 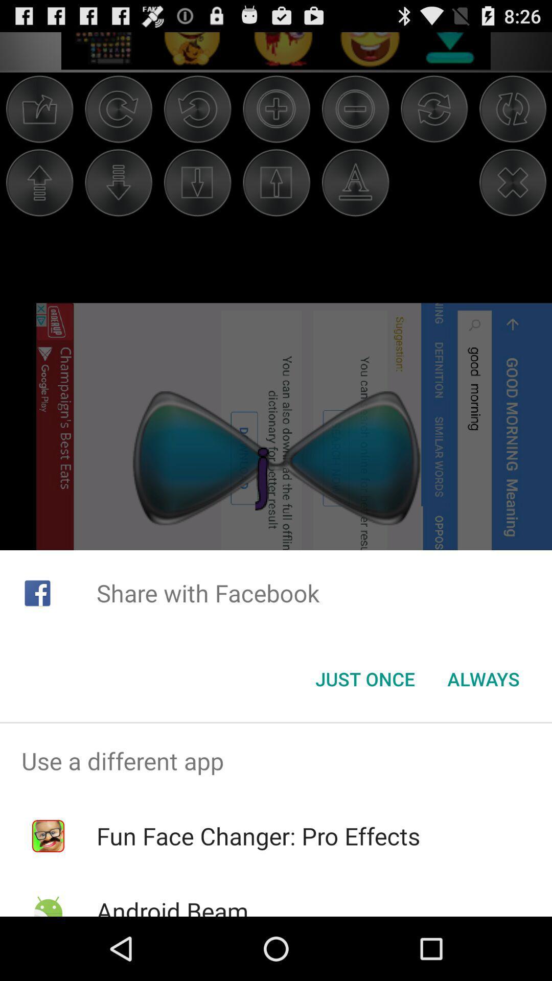 I want to click on the app below the share with facebook, so click(x=483, y=679).